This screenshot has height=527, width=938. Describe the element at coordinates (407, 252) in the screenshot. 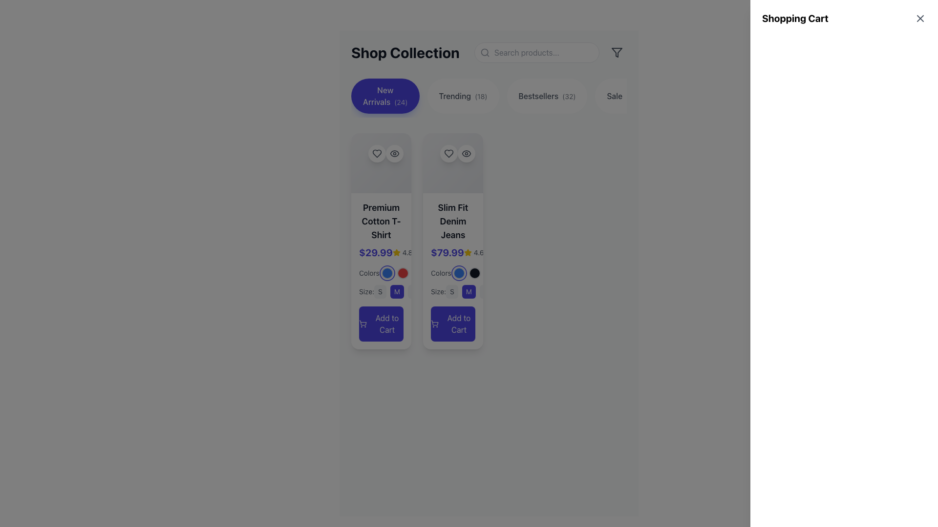

I see `the Text label displaying the numeric rating value, which is positioned next to a yellow star icon within a product card in the shop collection section` at that location.